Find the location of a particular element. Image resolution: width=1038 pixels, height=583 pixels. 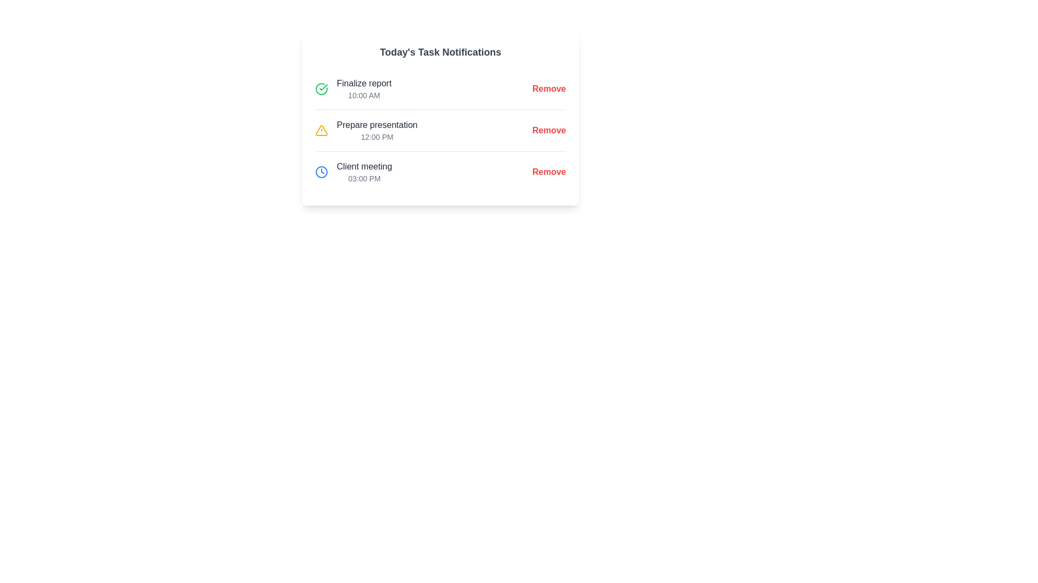

the time text label associated with the 'Client meeting' notification, which is positioned to the right of the event title and below the circular clock icon is located at coordinates (364, 178).